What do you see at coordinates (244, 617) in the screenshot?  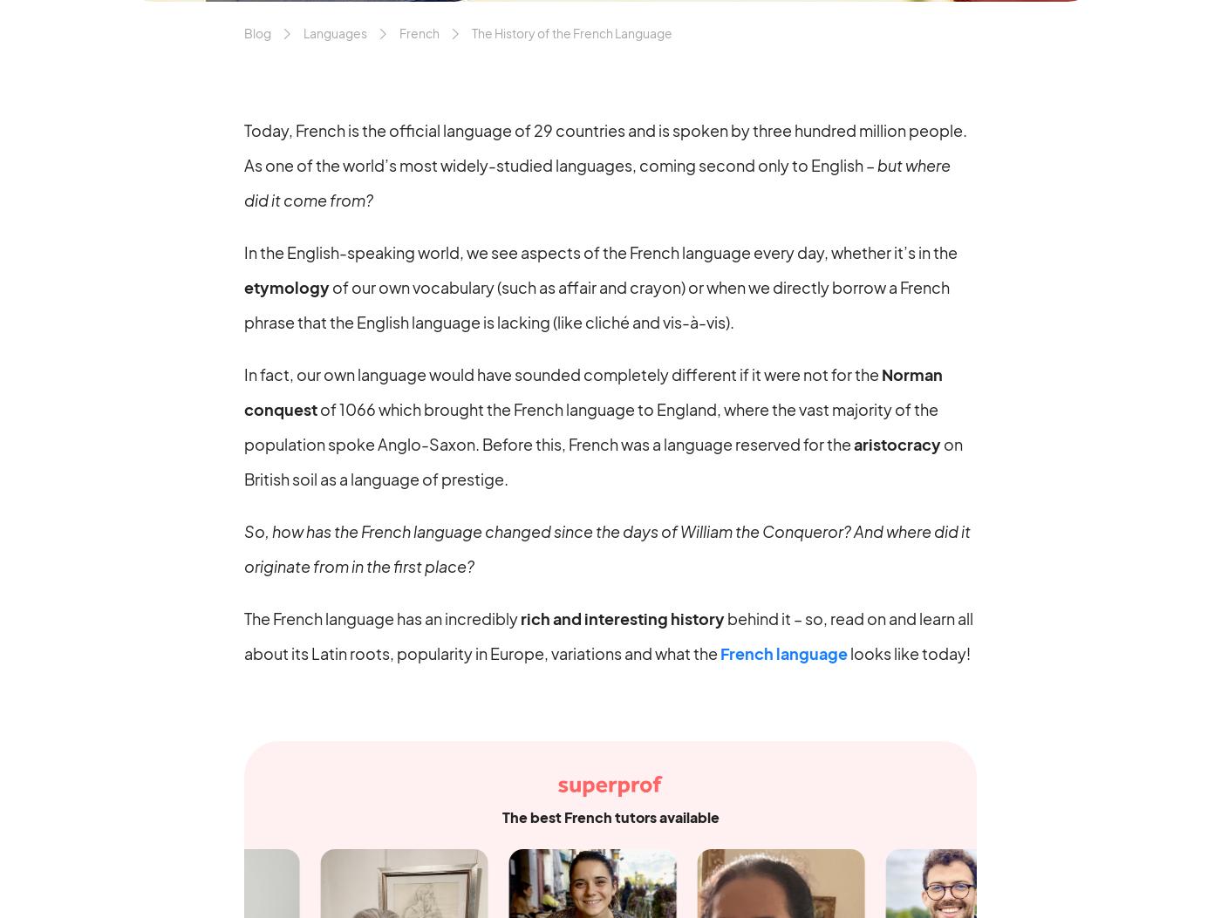 I see `'The French language has an incredibly'` at bounding box center [244, 617].